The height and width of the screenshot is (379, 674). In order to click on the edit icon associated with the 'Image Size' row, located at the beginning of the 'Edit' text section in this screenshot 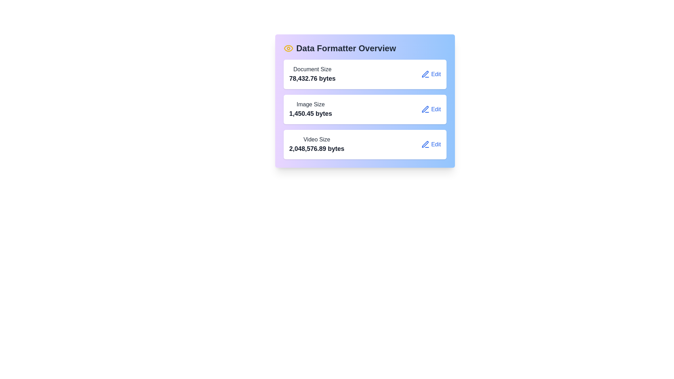, I will do `click(425, 109)`.